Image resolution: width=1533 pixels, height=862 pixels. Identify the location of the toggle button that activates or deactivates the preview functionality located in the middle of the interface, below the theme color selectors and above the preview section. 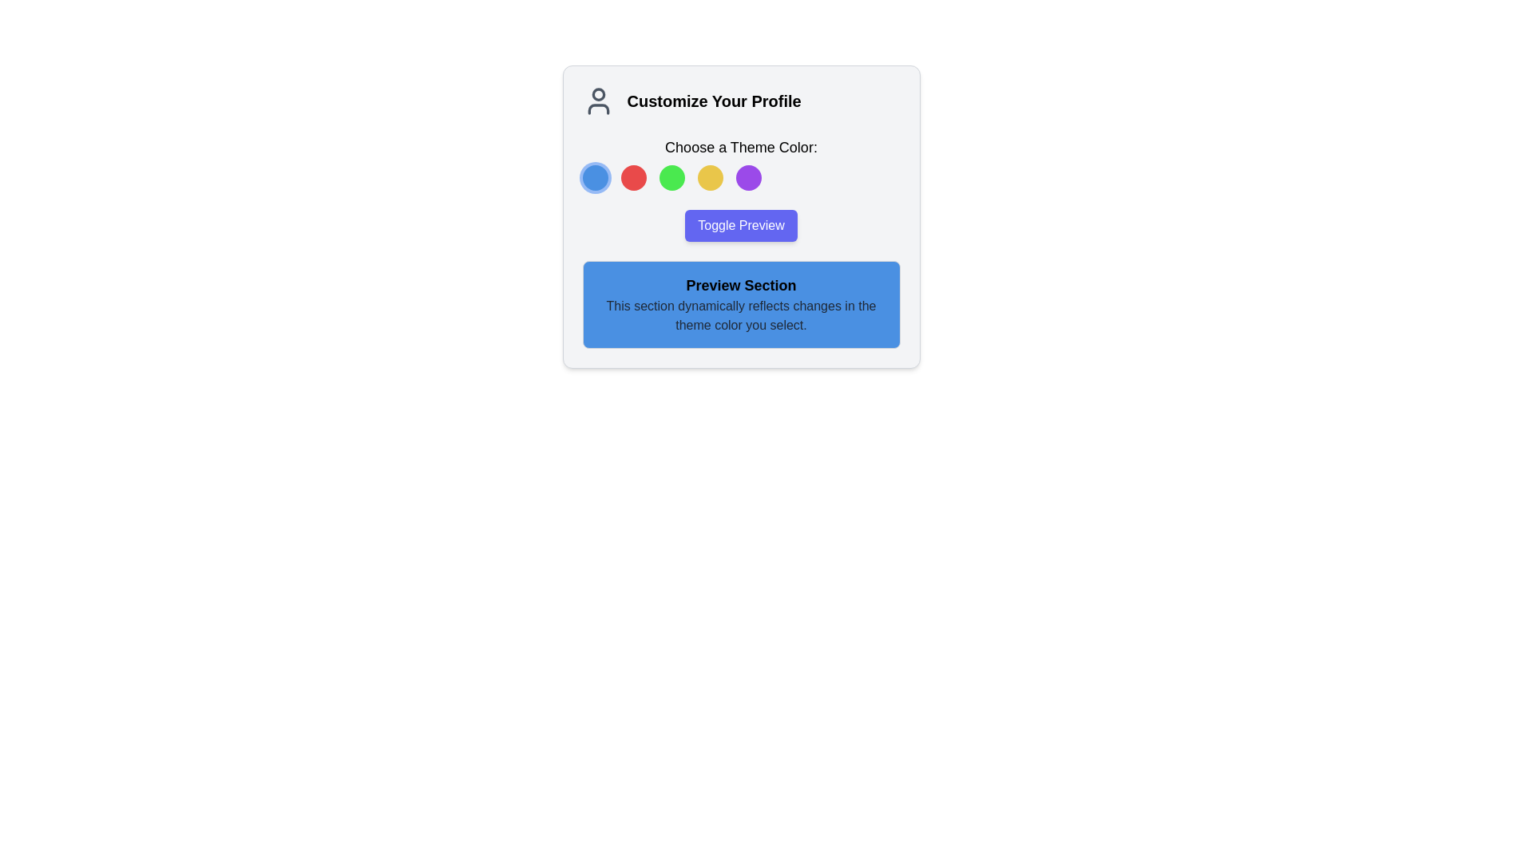
(740, 225).